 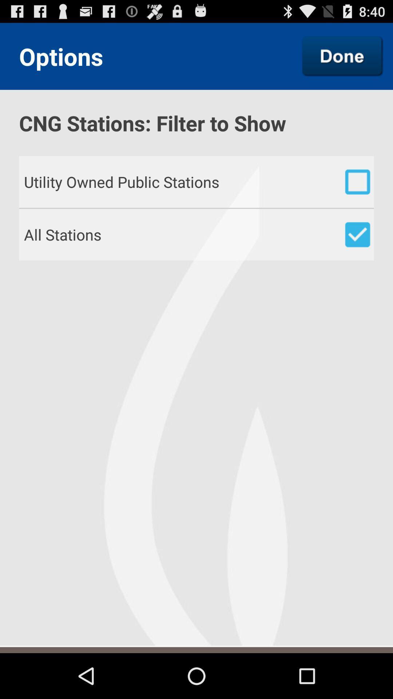 What do you see at coordinates (342, 56) in the screenshot?
I see `the item next to the options app` at bounding box center [342, 56].